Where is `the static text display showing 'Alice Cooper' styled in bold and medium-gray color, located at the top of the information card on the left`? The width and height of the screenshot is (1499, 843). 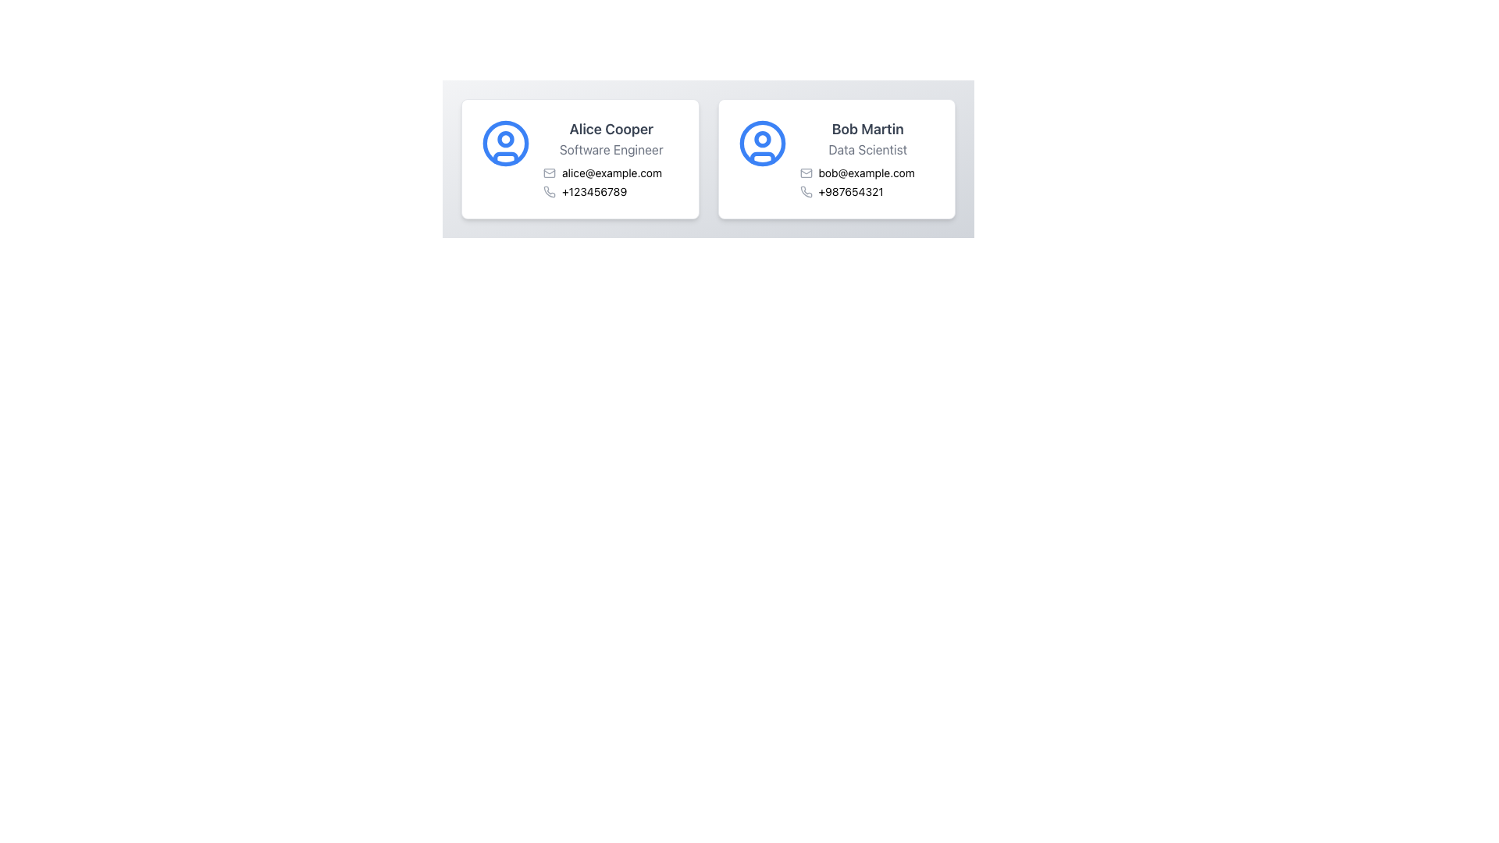
the static text display showing 'Alice Cooper' styled in bold and medium-gray color, located at the top of the information card on the left is located at coordinates (611, 128).